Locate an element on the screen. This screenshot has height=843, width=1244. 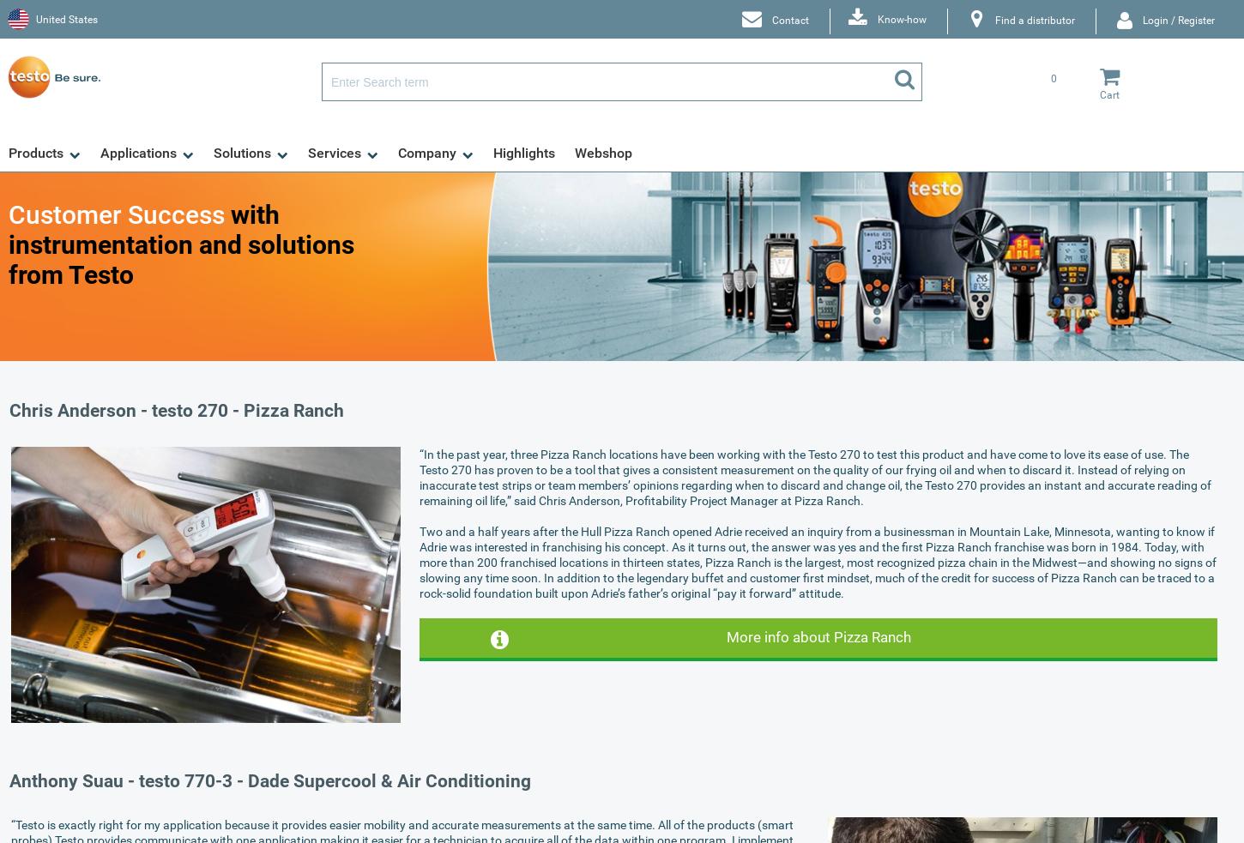
'More info about Pizza Ranch' is located at coordinates (817, 635).